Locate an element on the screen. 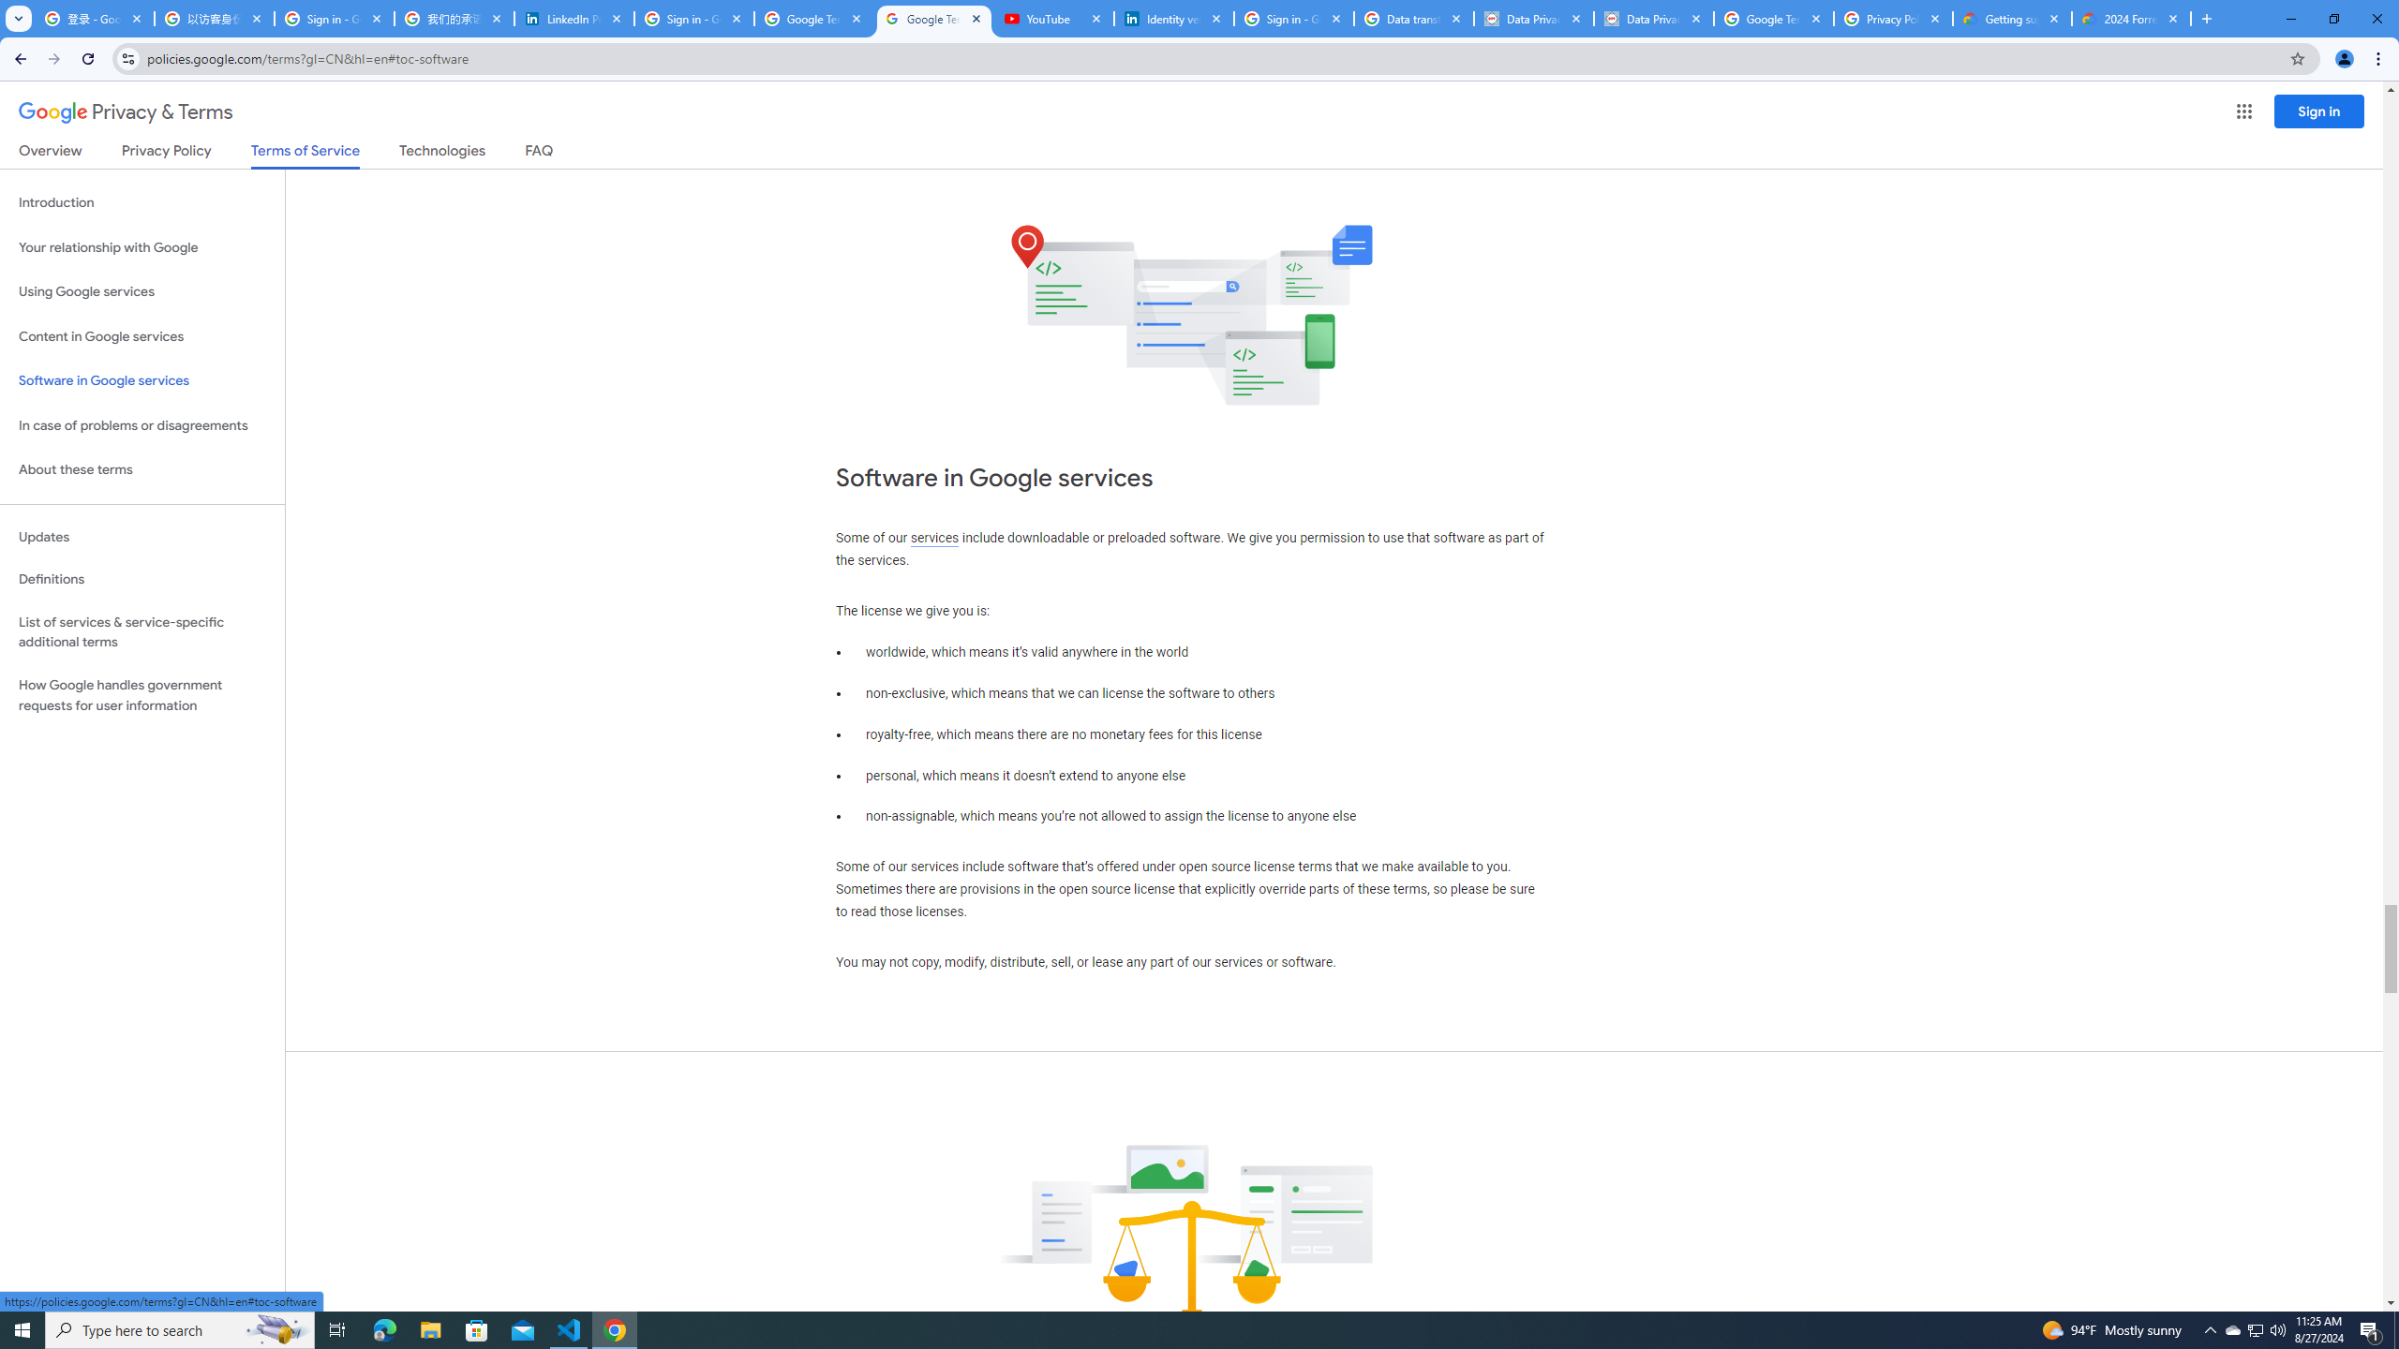 Image resolution: width=2399 pixels, height=1349 pixels. 'About these terms' is located at coordinates (142, 469).